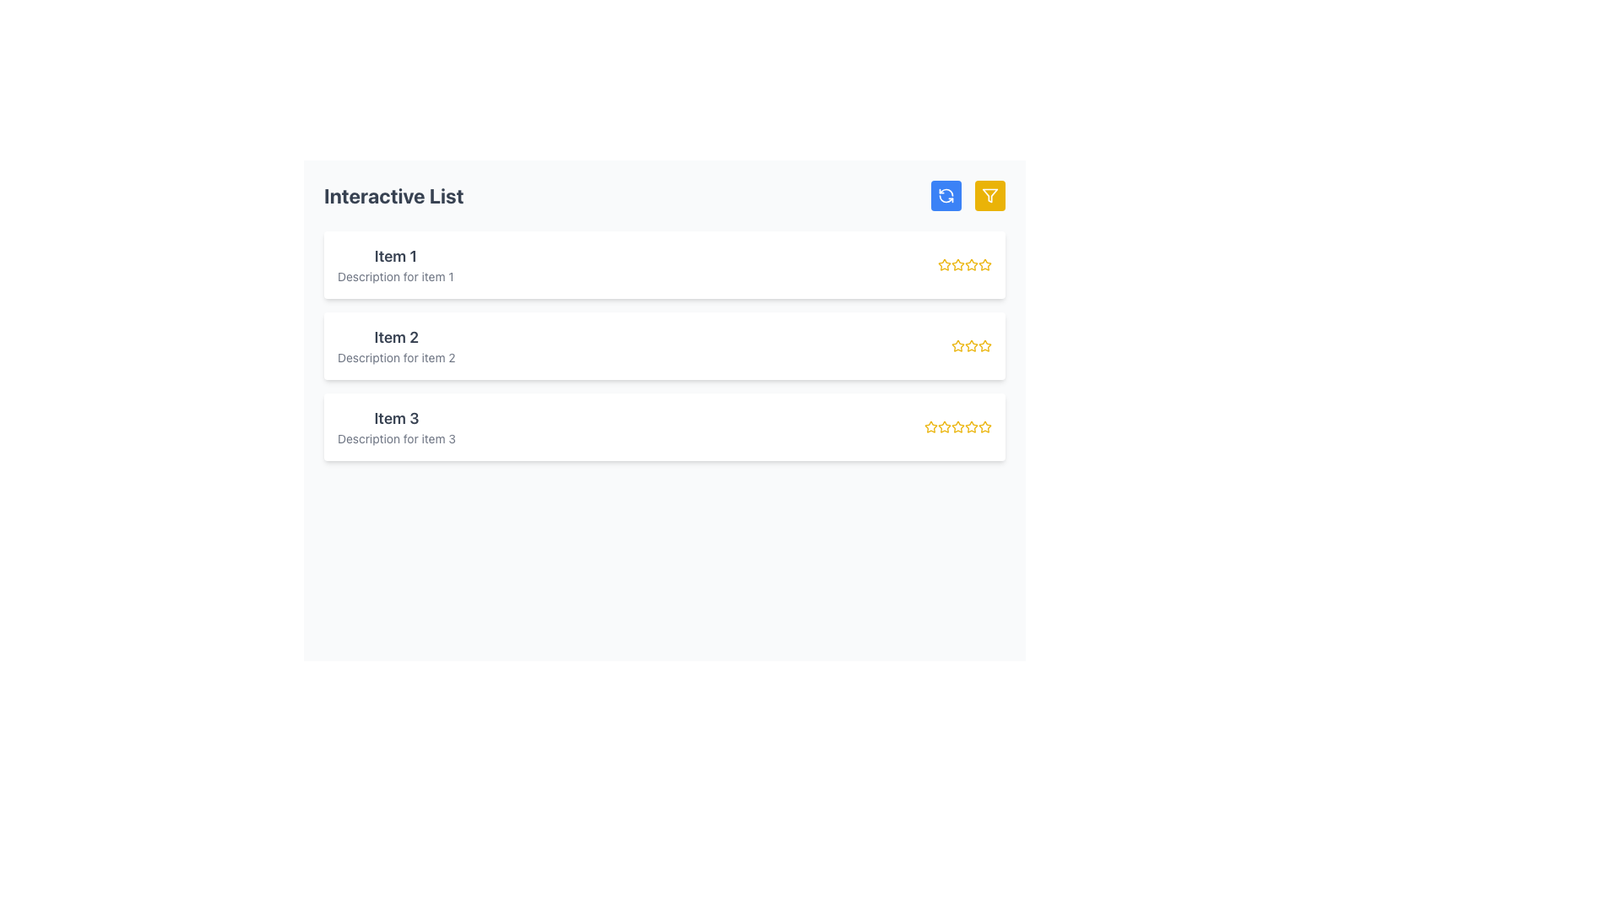 This screenshot has width=1621, height=912. Describe the element at coordinates (396, 418) in the screenshot. I see `the text label that serves as the title for the third item in the list, positioned above 'Description for item 3' and below 'Item 2'` at that location.